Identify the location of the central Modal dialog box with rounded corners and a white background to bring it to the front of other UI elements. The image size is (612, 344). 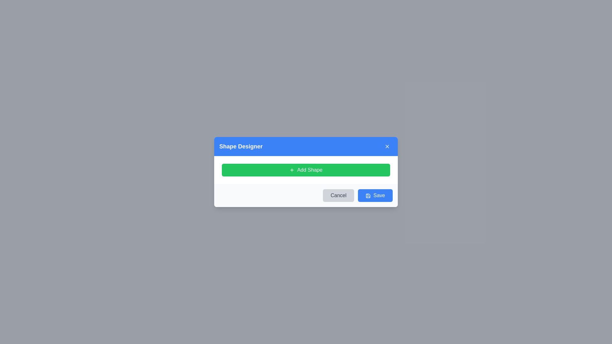
(306, 172).